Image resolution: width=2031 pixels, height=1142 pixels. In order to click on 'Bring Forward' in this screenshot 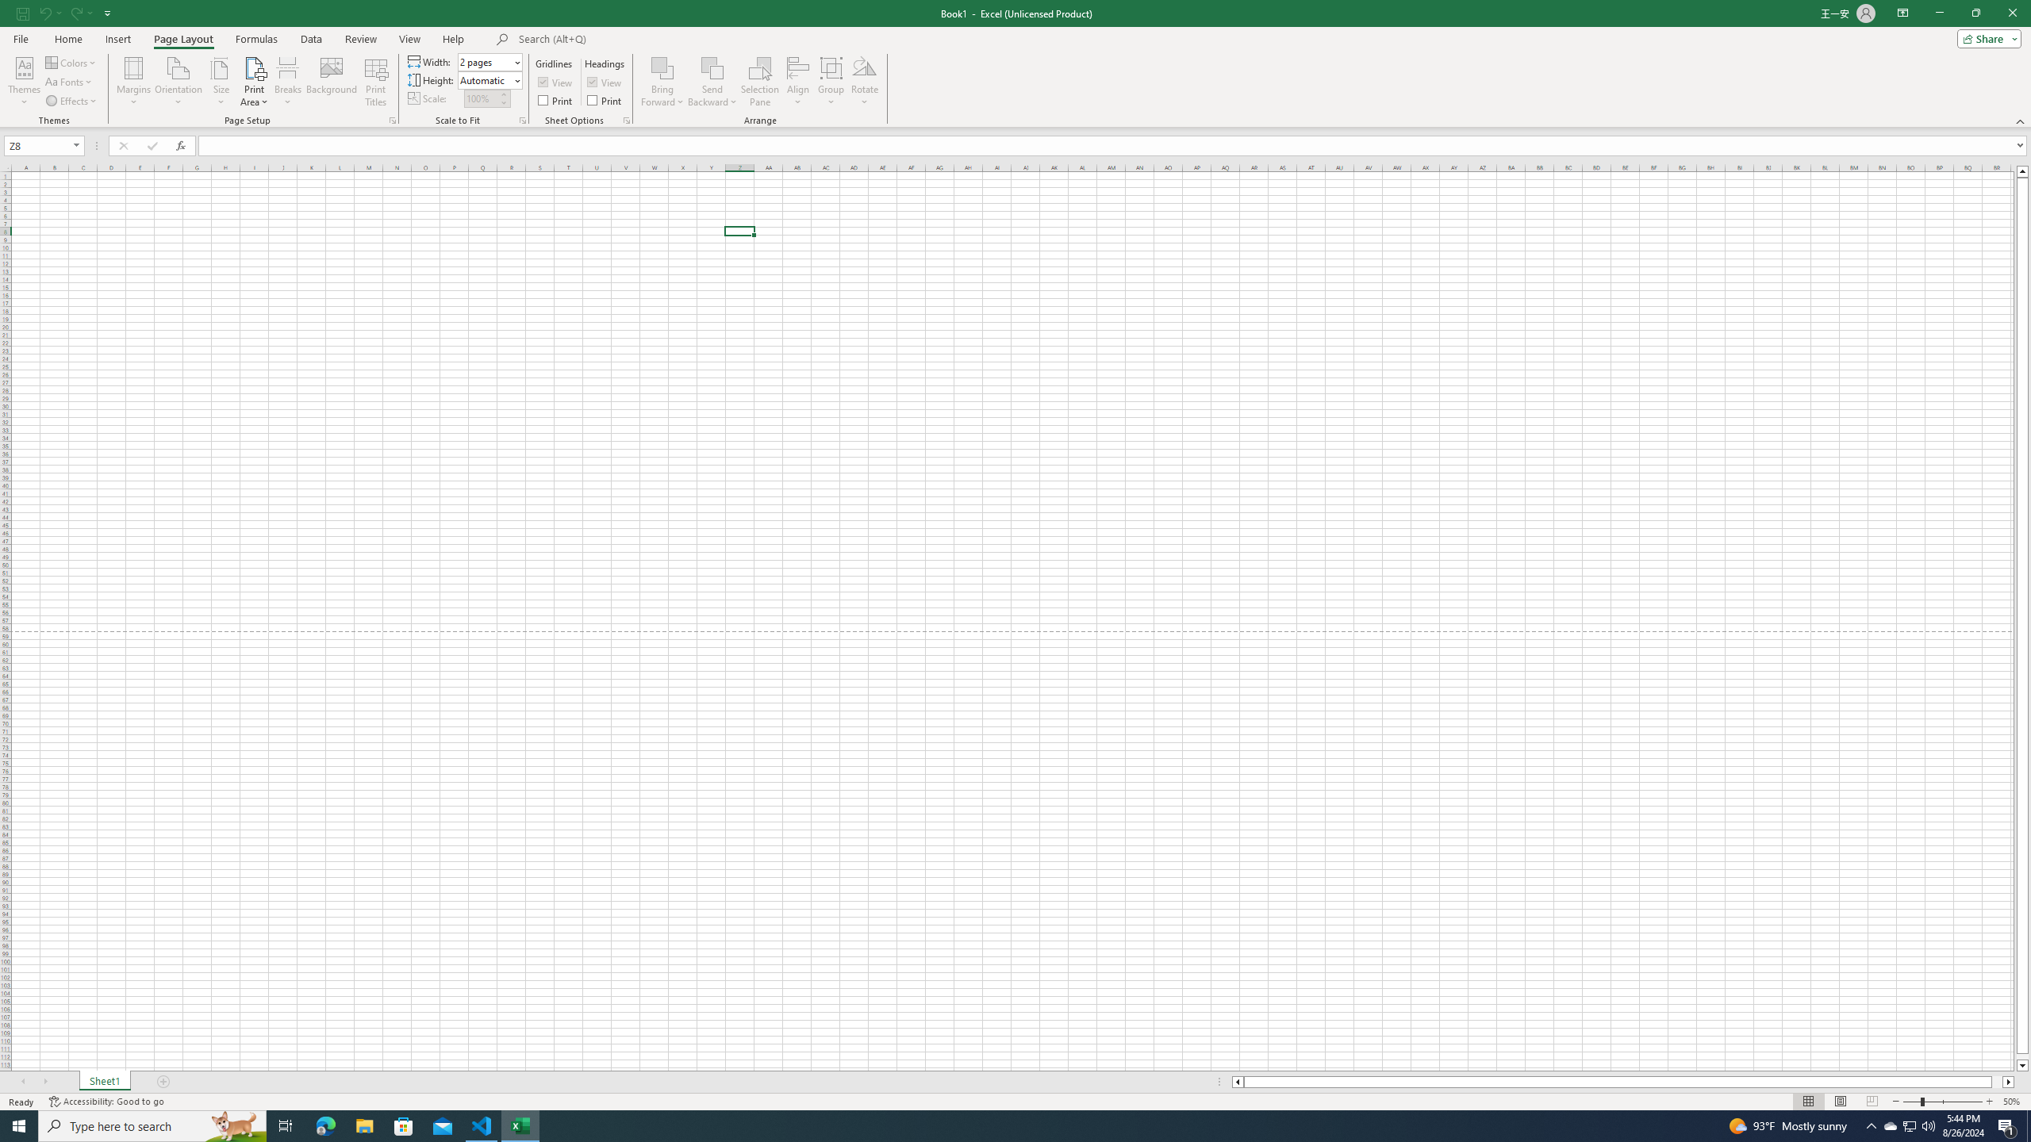, I will do `click(662, 82)`.